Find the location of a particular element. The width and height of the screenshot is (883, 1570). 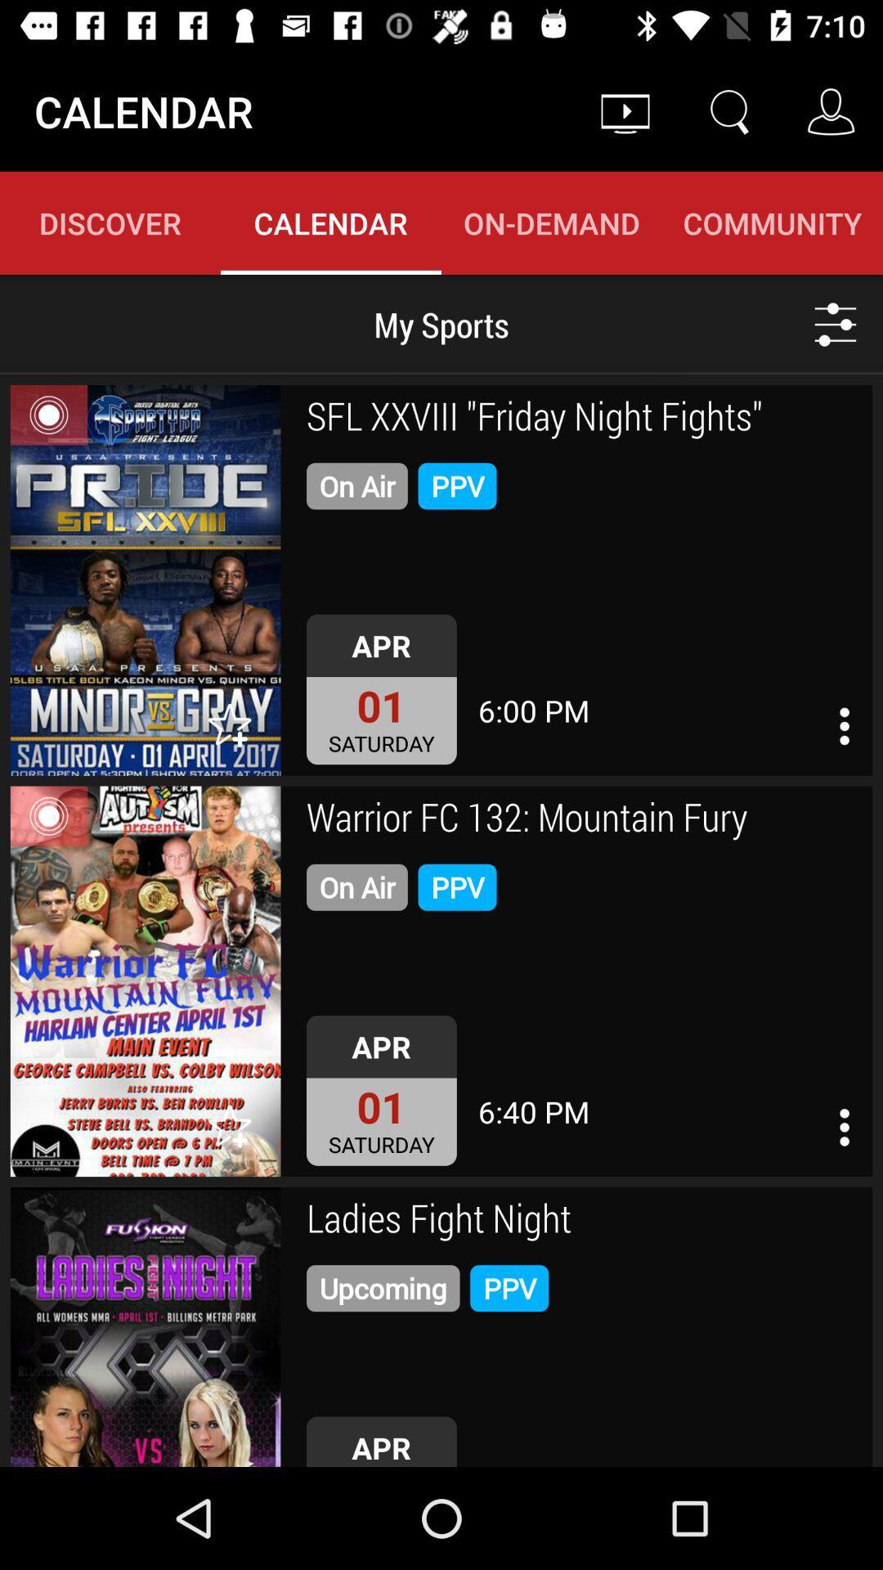

icon above the on-demand item is located at coordinates (625, 110).